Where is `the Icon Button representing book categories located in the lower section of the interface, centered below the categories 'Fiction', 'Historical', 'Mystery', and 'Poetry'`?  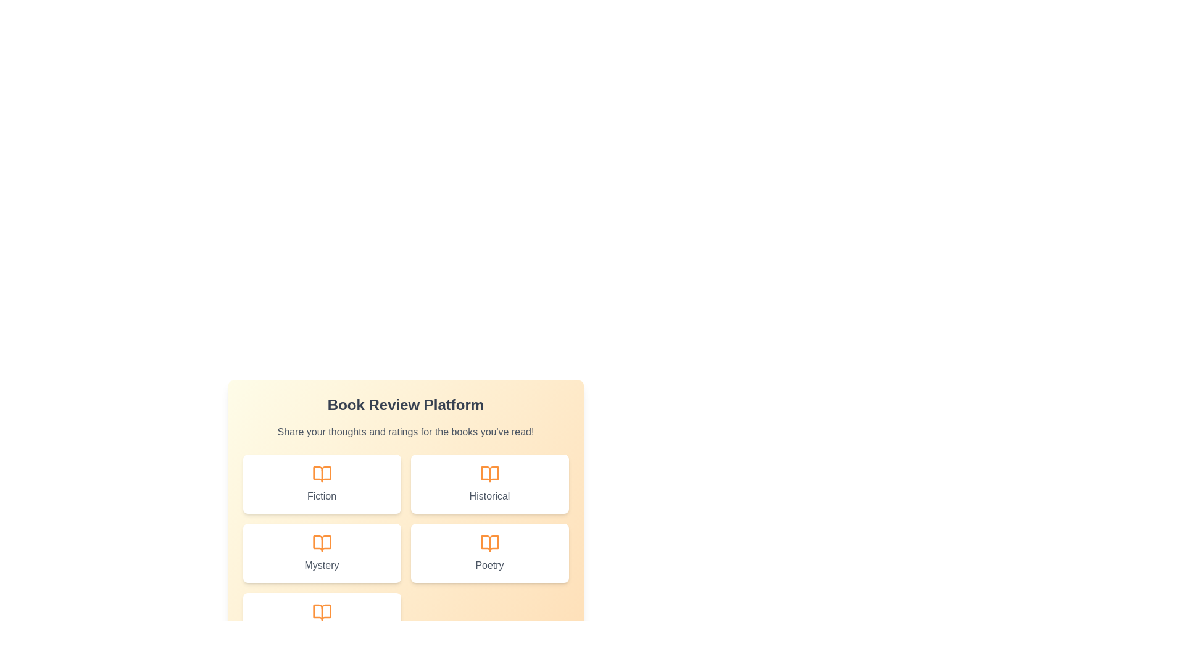
the Icon Button representing book categories located in the lower section of the interface, centered below the categories 'Fiction', 'Historical', 'Mystery', and 'Poetry' is located at coordinates (322, 612).